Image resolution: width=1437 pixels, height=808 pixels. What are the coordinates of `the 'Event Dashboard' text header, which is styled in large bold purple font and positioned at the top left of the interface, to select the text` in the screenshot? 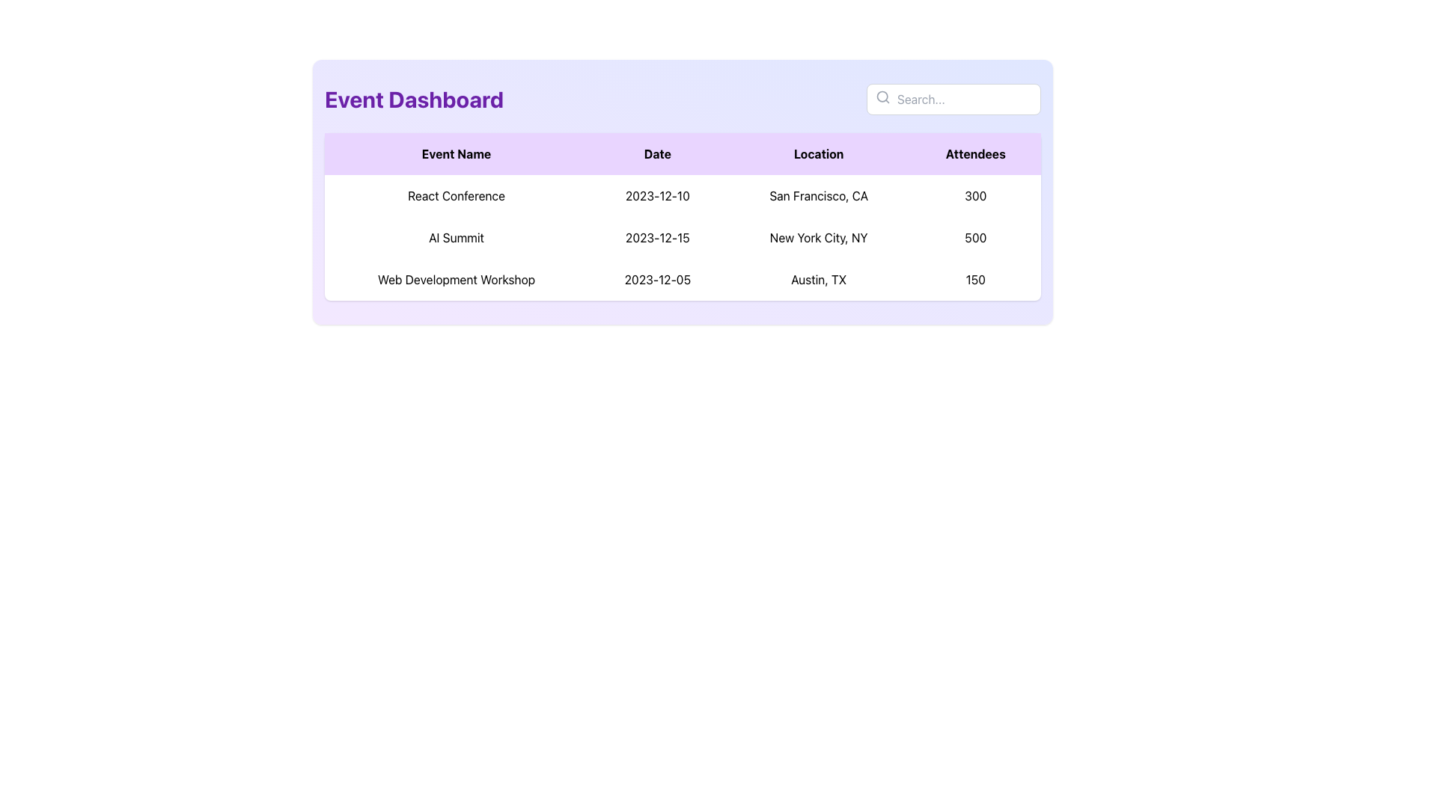 It's located at (414, 99).